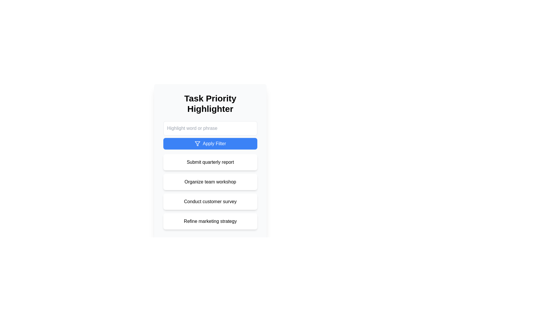 This screenshot has height=313, width=557. I want to click on the decorative filter icon located to the left of the 'Apply Filter' text within the blue button, so click(198, 143).